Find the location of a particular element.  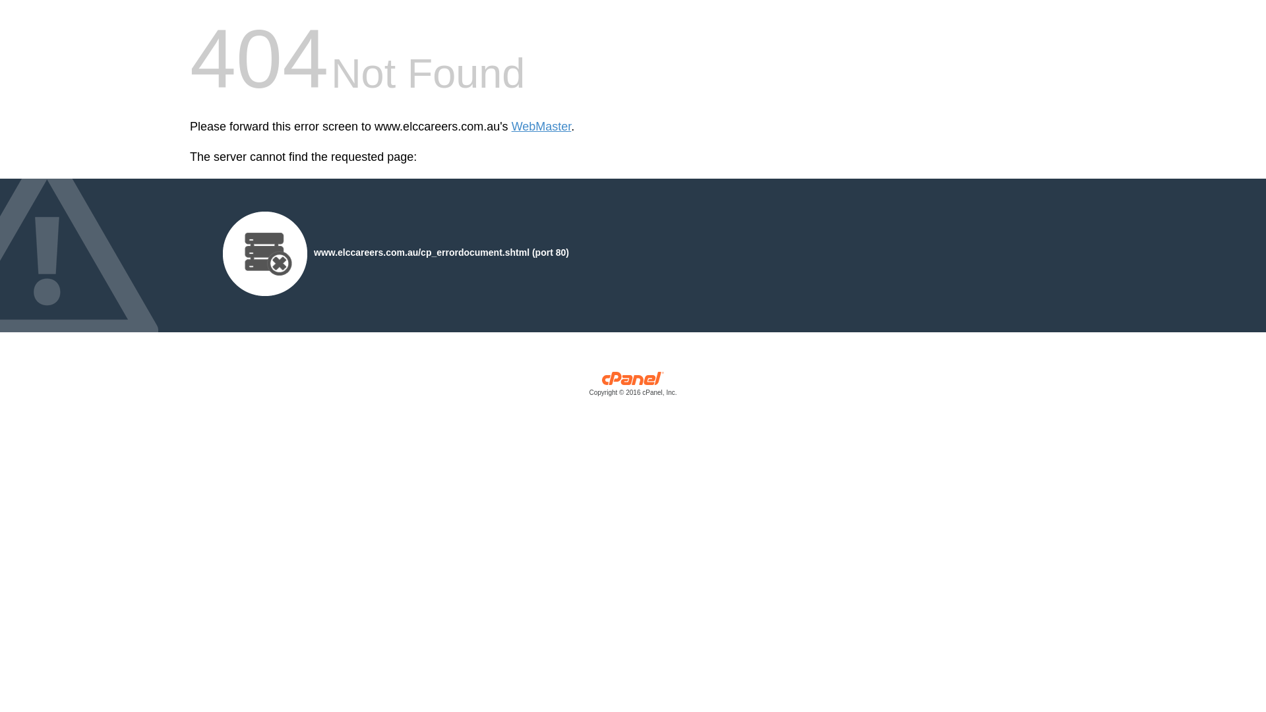

'WebMaster' is located at coordinates (541, 127).